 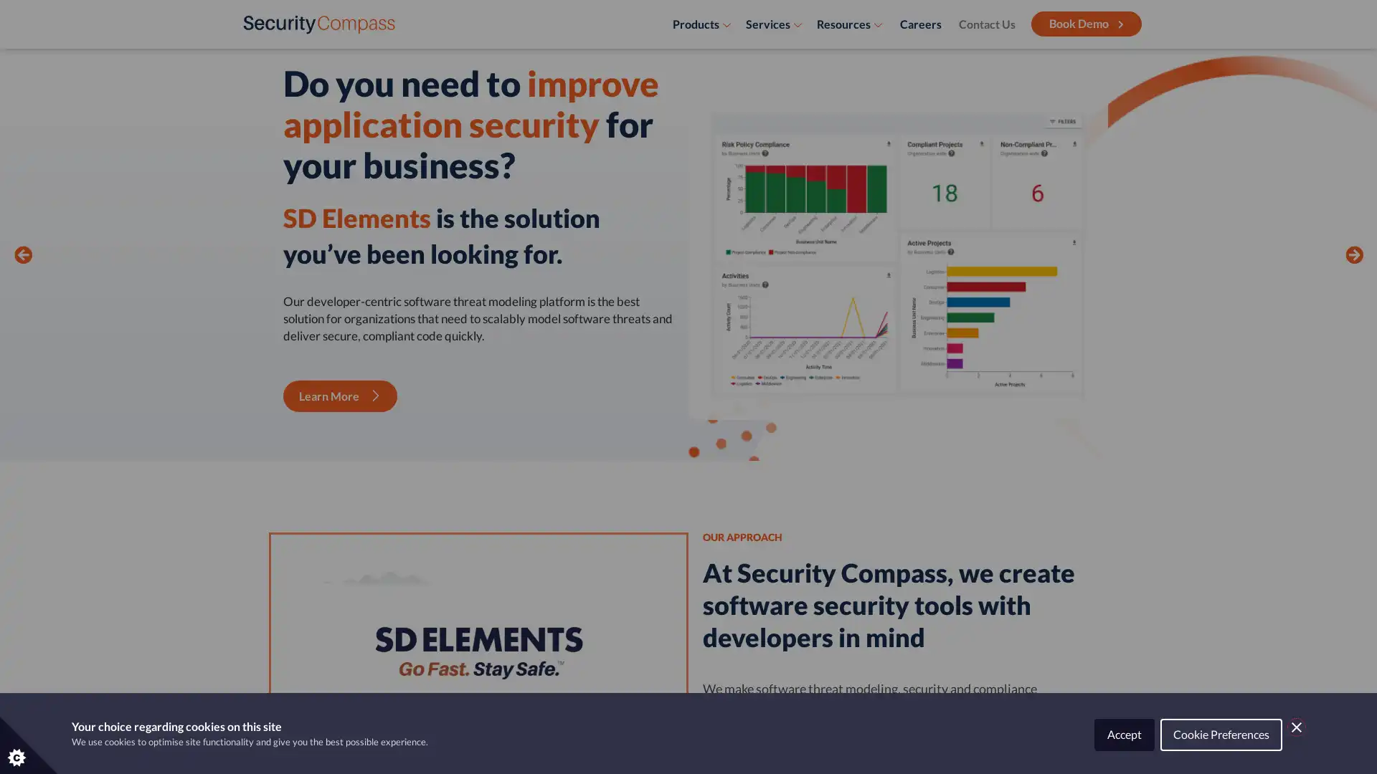 What do you see at coordinates (1297, 727) in the screenshot?
I see `Close` at bounding box center [1297, 727].